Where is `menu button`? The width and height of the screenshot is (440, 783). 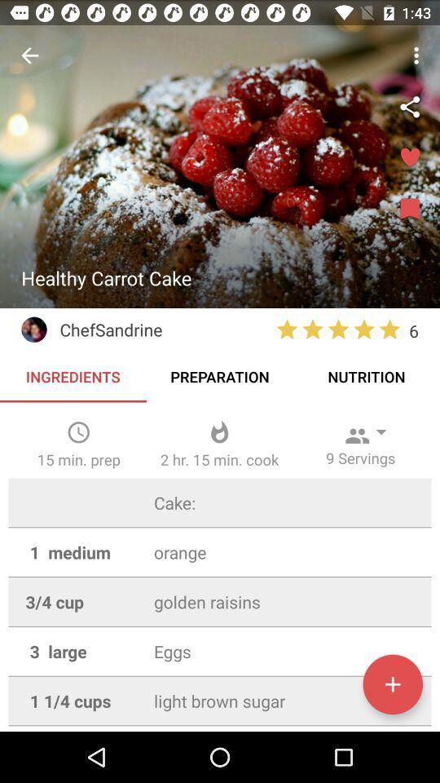
menu button is located at coordinates (409, 209).